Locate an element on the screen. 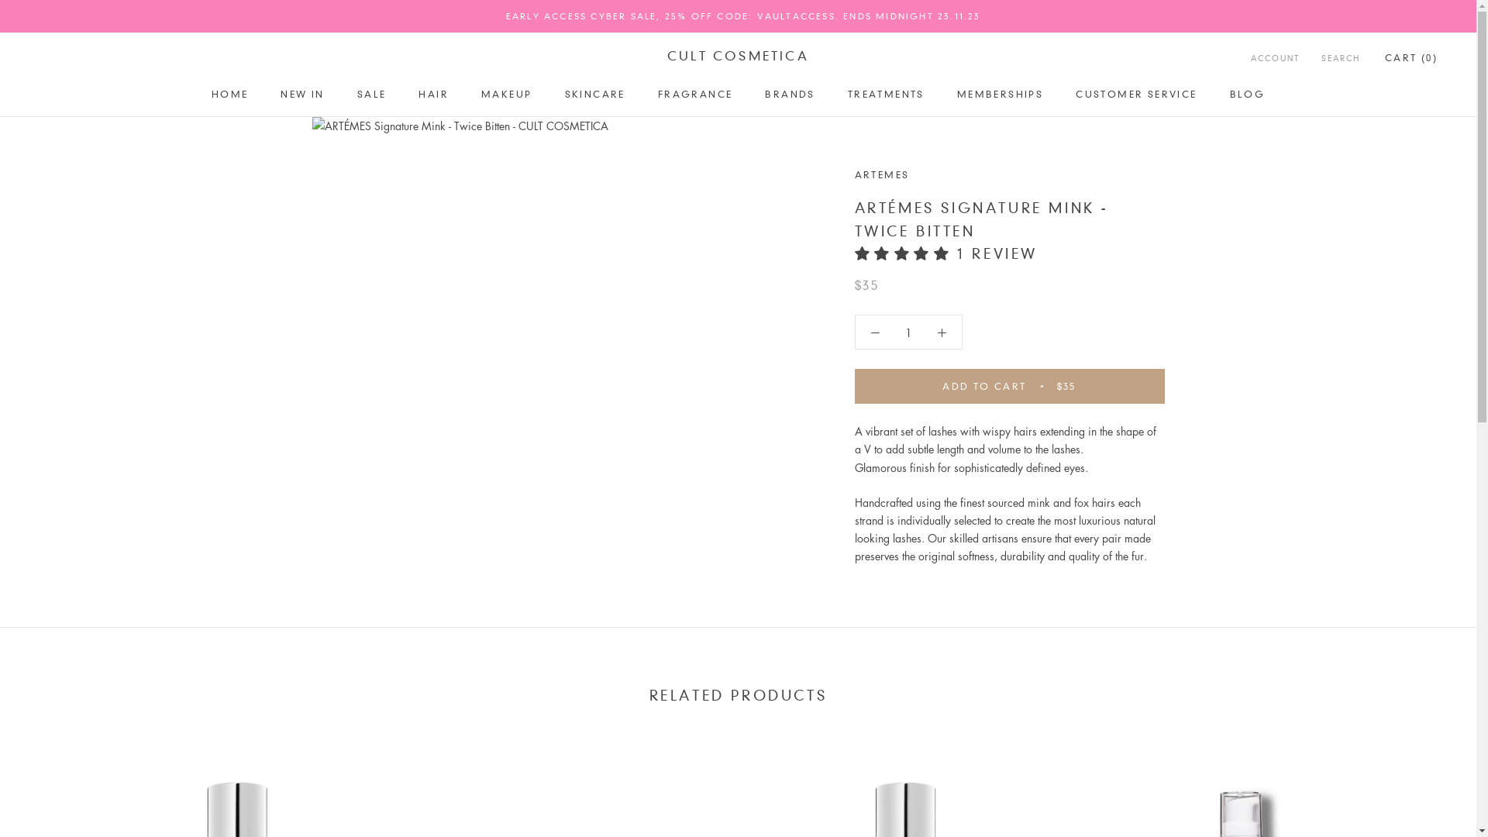 The image size is (1488, 837). 'HAIR is located at coordinates (418, 94).